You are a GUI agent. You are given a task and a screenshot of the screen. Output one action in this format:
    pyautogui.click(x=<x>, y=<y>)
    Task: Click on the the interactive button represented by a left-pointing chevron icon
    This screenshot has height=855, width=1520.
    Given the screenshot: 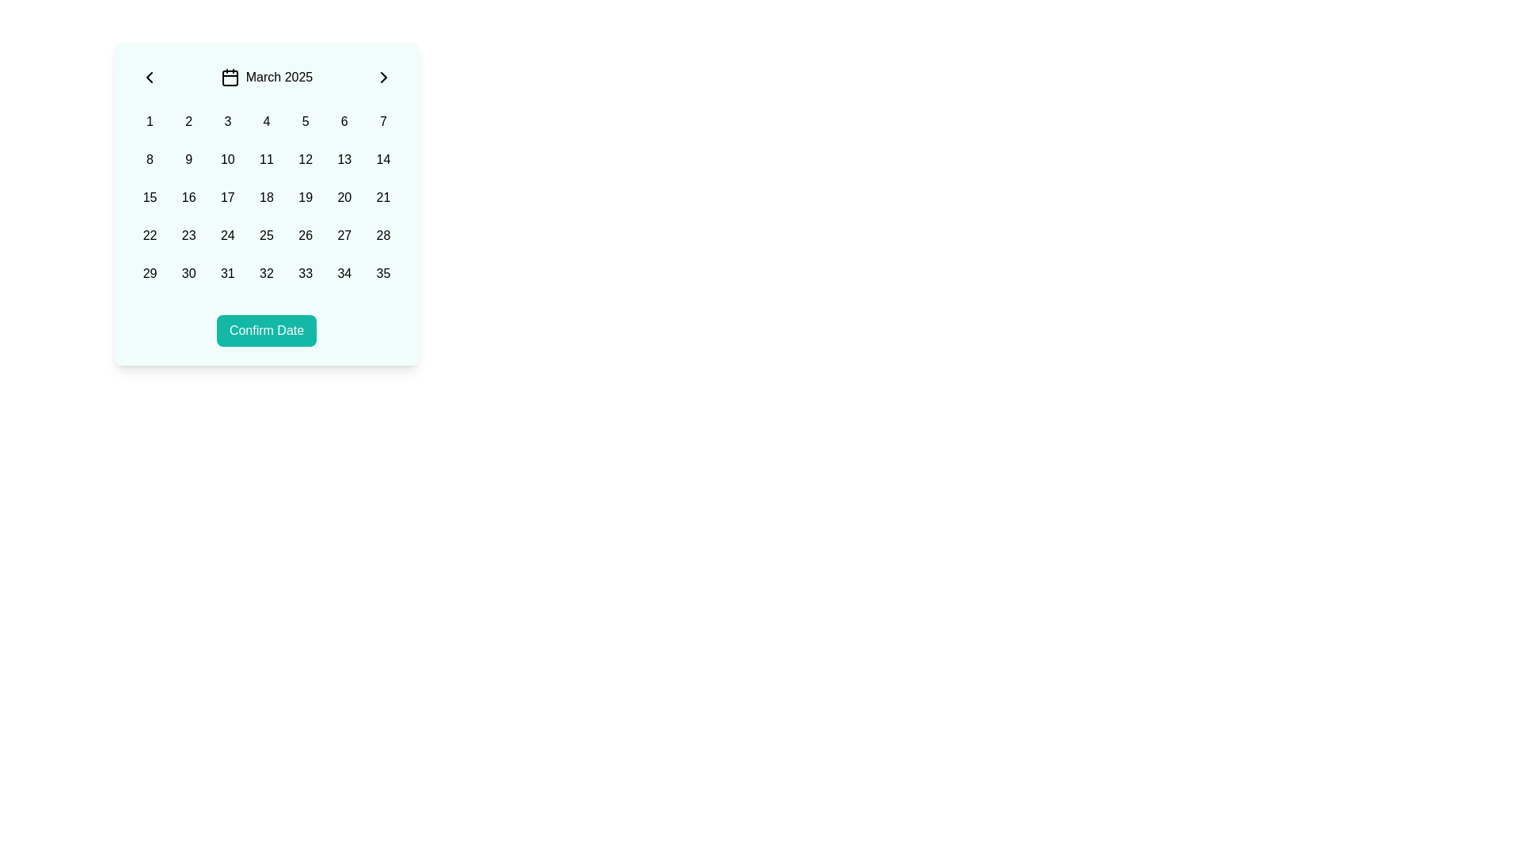 What is the action you would take?
    pyautogui.click(x=149, y=77)
    